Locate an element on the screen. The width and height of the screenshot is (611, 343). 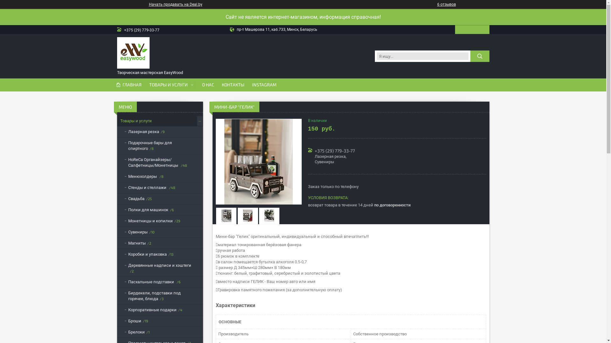
'INSTAGRAM' is located at coordinates (264, 84).